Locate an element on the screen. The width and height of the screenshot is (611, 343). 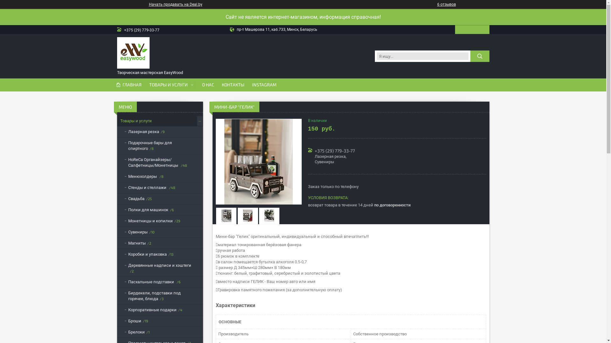
'INSTAGRAM' is located at coordinates (264, 84).